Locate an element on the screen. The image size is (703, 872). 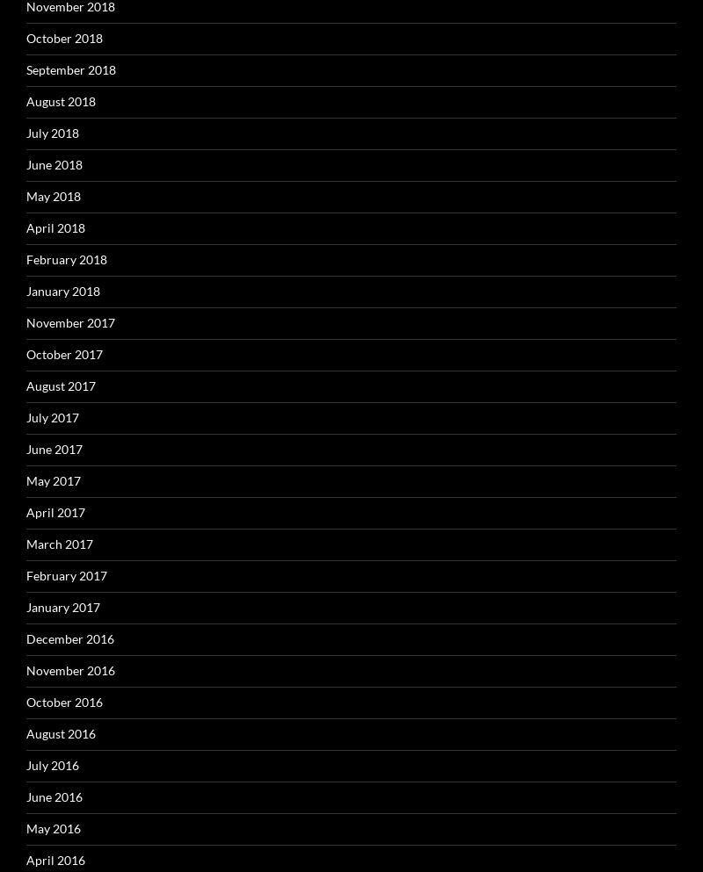
'June 2018' is located at coordinates (54, 162).